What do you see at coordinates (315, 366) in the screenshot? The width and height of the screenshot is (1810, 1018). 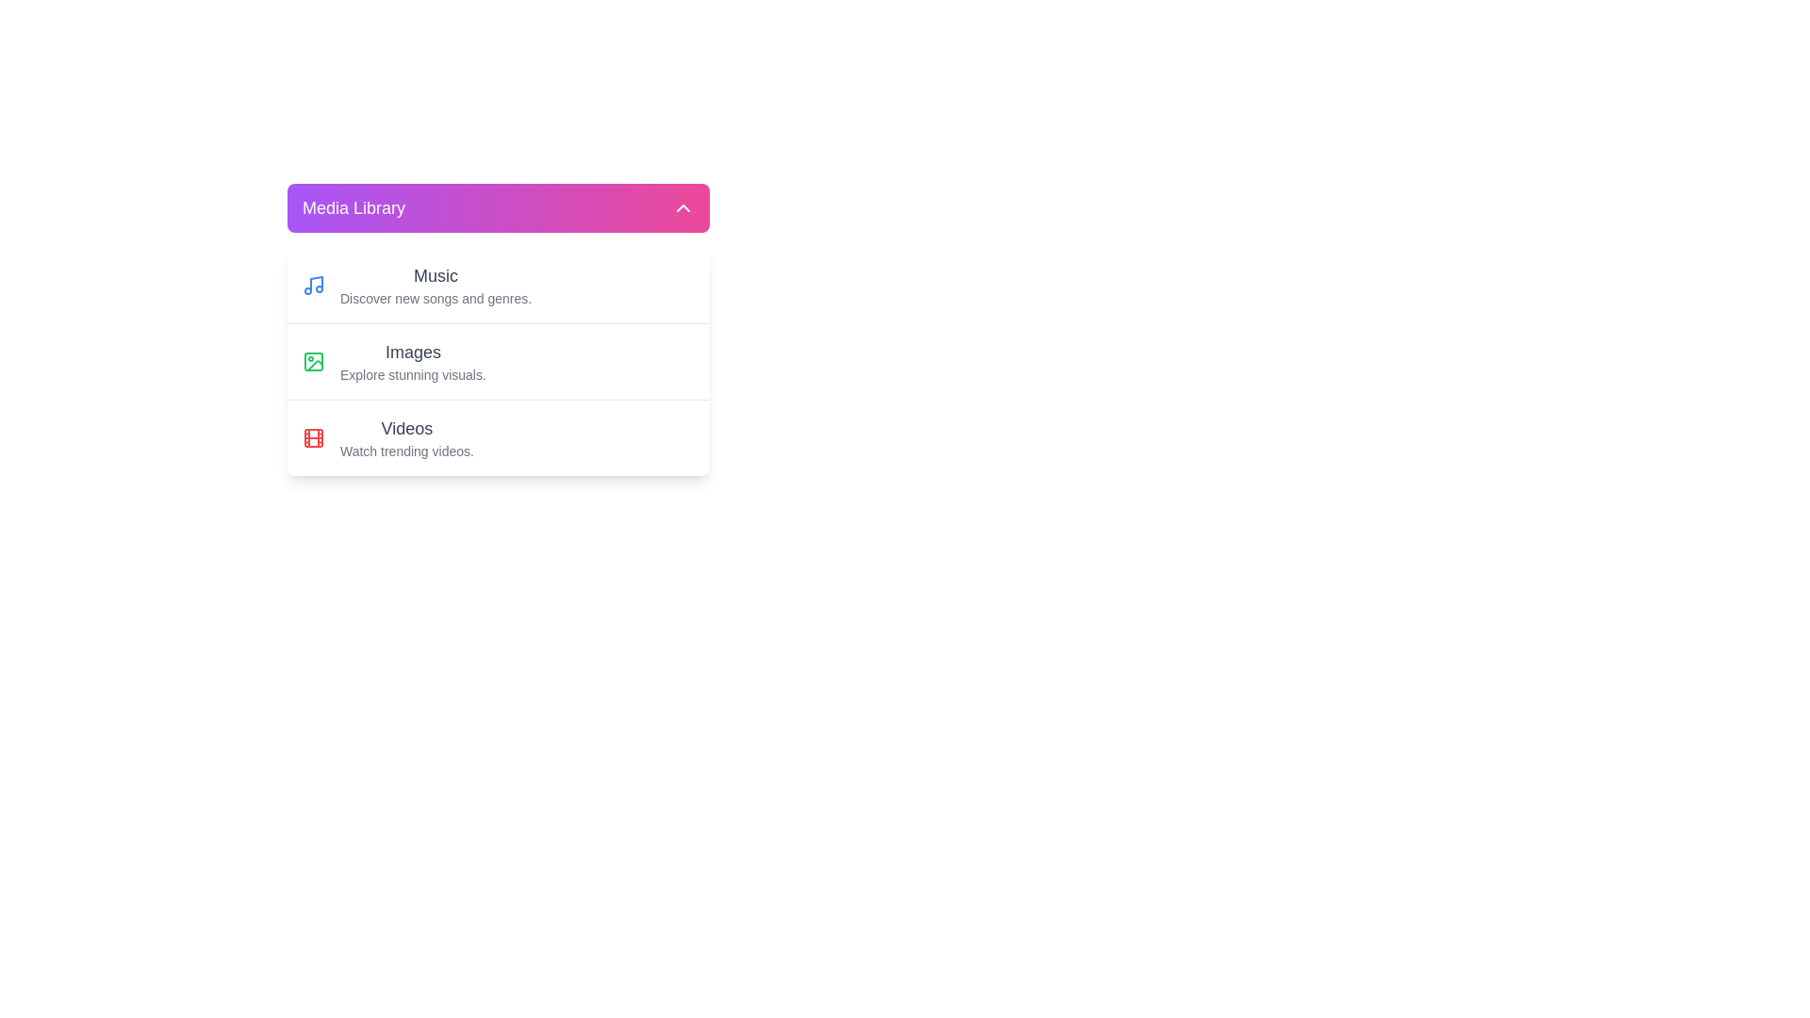 I see `the state of the decorative graphical component within the 'Images' icon in the 'Media Library' interface, located to the right of the 'Images' text label` at bounding box center [315, 366].